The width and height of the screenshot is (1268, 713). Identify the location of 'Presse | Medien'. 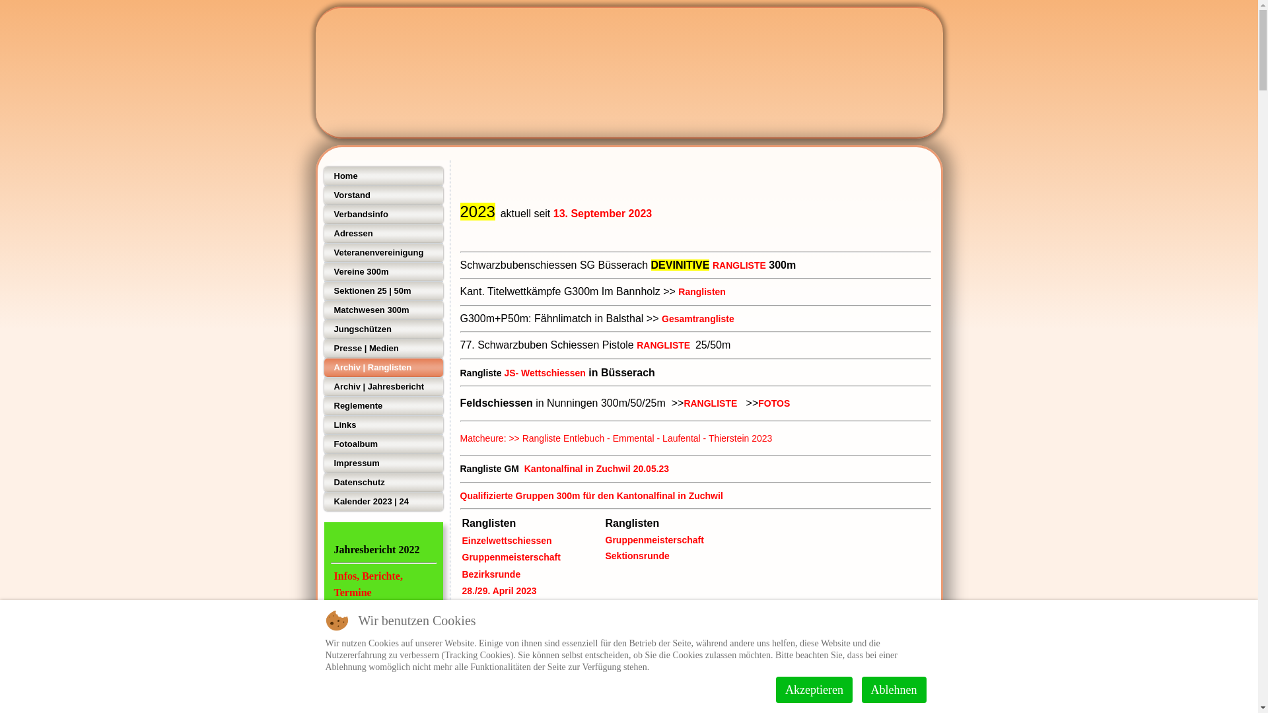
(382, 348).